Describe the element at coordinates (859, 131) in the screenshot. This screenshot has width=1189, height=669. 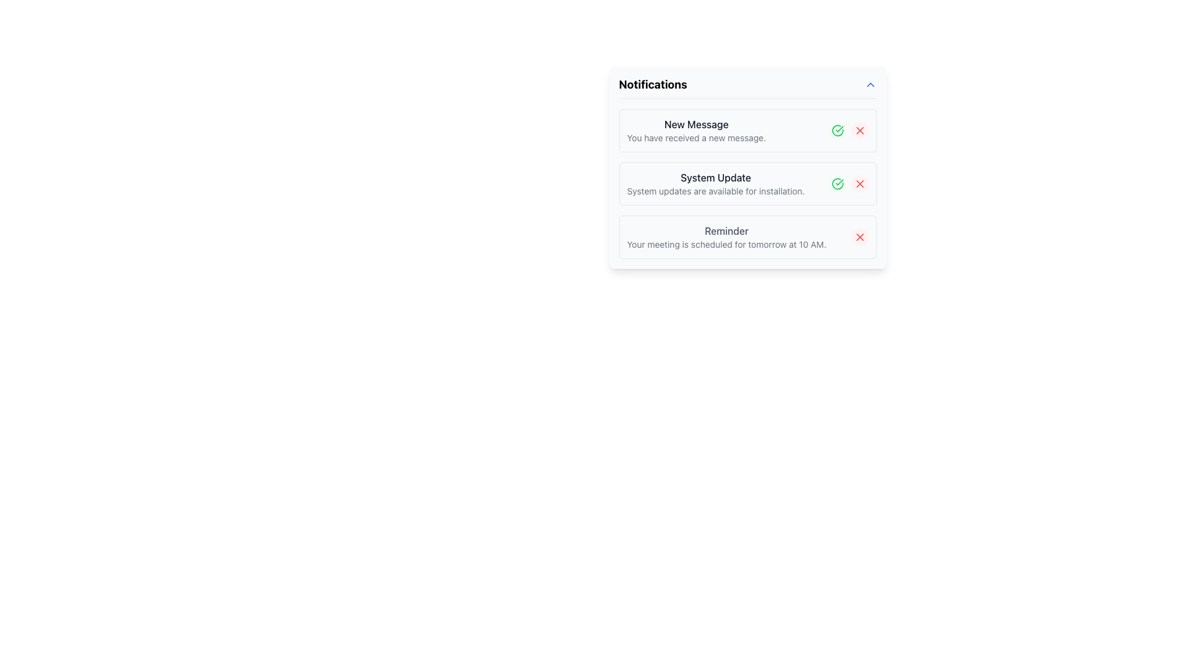
I see `the red 'X' icon next to the 'New Message' notification` at that location.